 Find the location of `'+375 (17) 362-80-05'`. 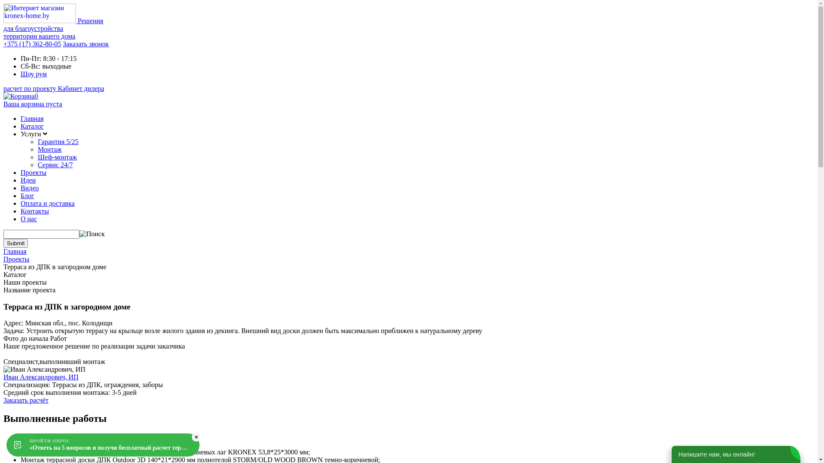

'+375 (17) 362-80-05' is located at coordinates (3, 44).